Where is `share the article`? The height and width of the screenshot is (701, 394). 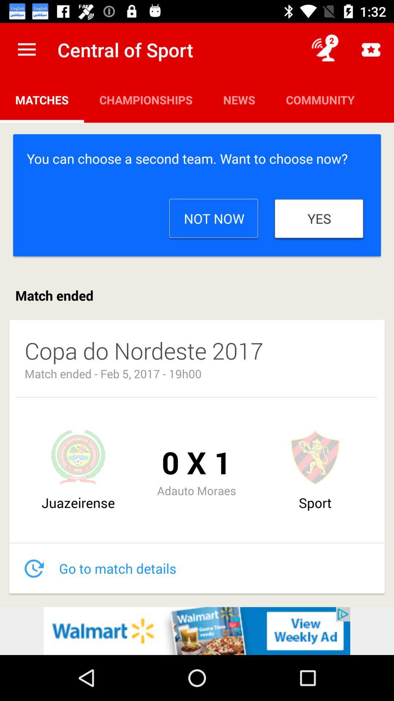 share the article is located at coordinates (197, 631).